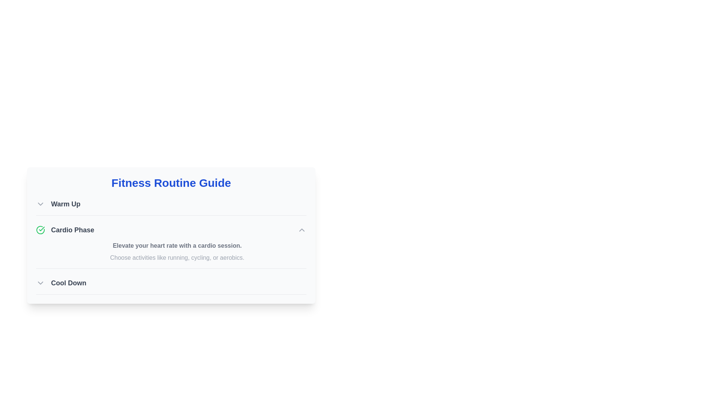  What do you see at coordinates (40, 204) in the screenshot?
I see `the dropdown toggle icon located to the left of the 'Warm Up' section` at bounding box center [40, 204].